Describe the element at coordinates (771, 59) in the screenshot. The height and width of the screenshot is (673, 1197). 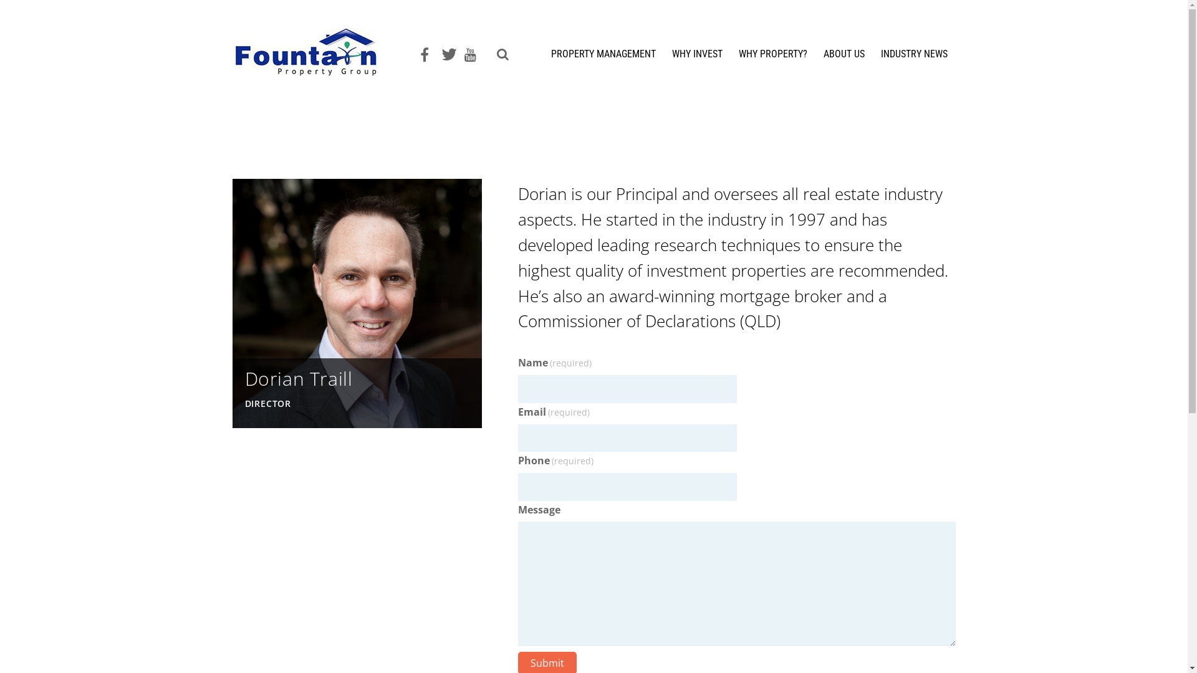
I see `'WHY PROPERTY?'` at that location.